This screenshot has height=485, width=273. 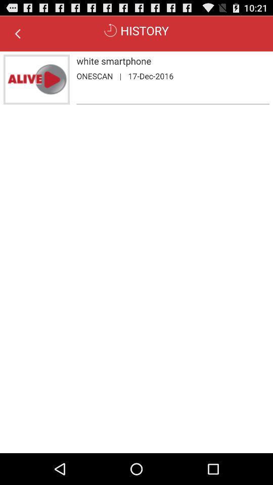 I want to click on the app to the left of white smartphone, so click(x=36, y=79).